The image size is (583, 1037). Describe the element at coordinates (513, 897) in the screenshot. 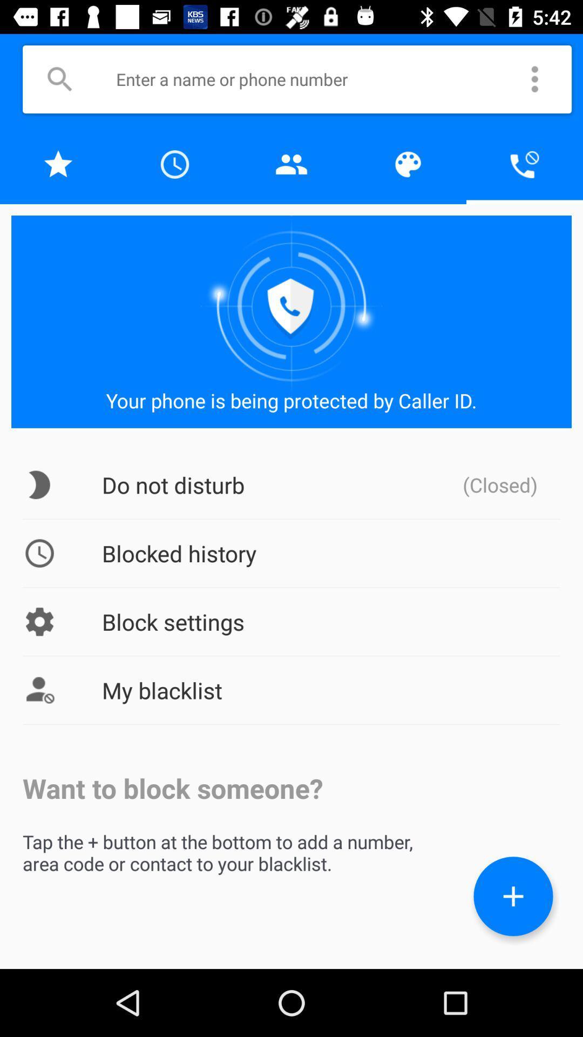

I see `the last plus icon` at that location.